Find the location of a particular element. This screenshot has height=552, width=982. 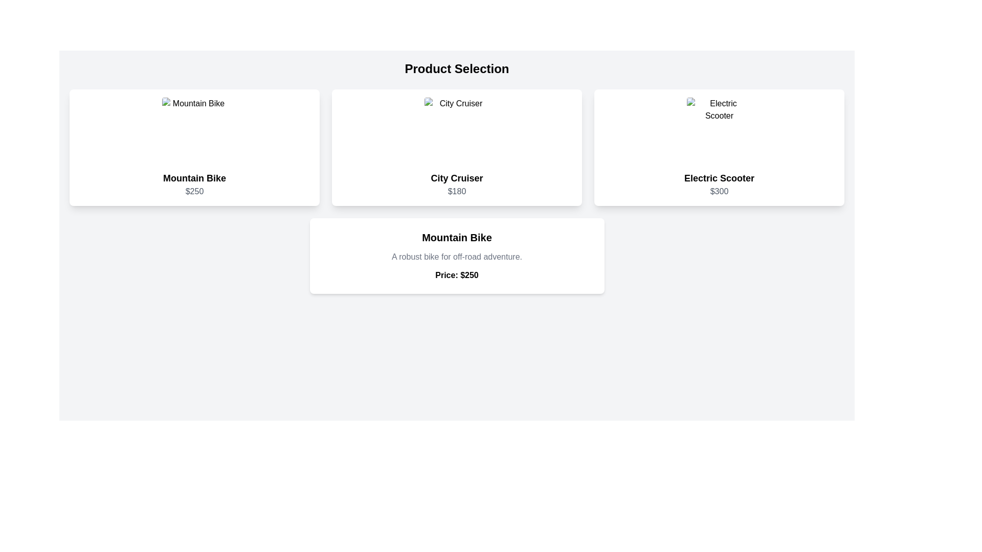

the card containing the 'Mountain Bike' title text heading located at the top of the product card is located at coordinates (456, 238).